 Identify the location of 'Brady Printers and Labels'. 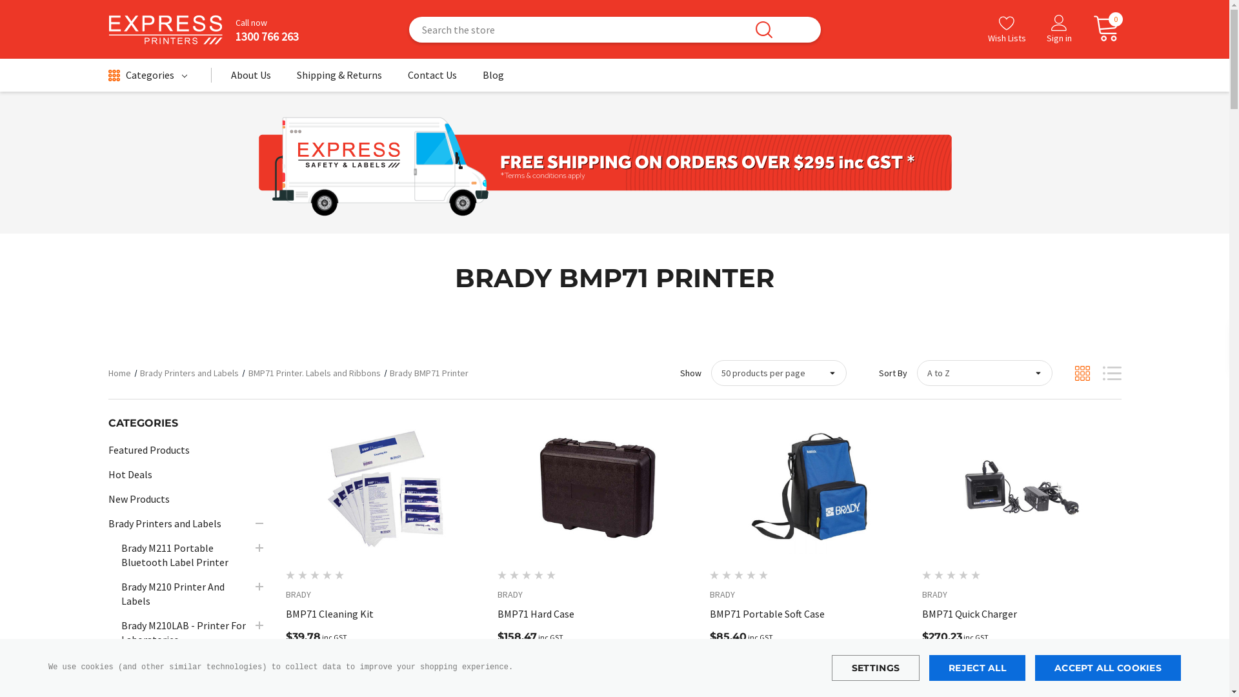
(139, 373).